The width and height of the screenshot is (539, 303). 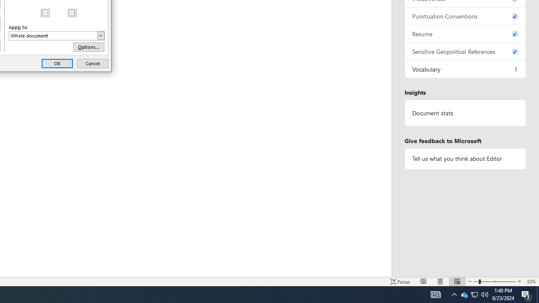 I want to click on 'Cancel', so click(x=93, y=63).